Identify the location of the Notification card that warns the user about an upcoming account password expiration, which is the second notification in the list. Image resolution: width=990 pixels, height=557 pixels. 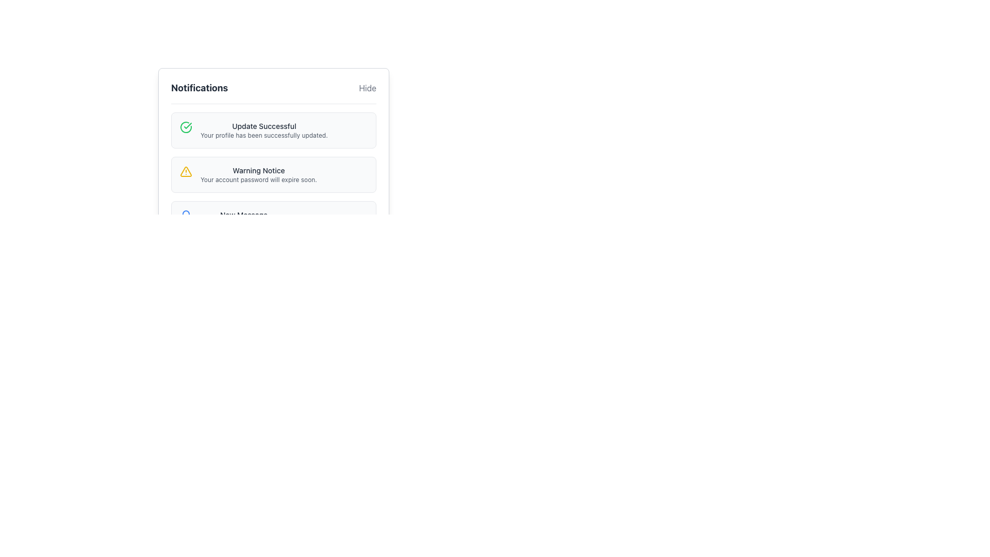
(274, 174).